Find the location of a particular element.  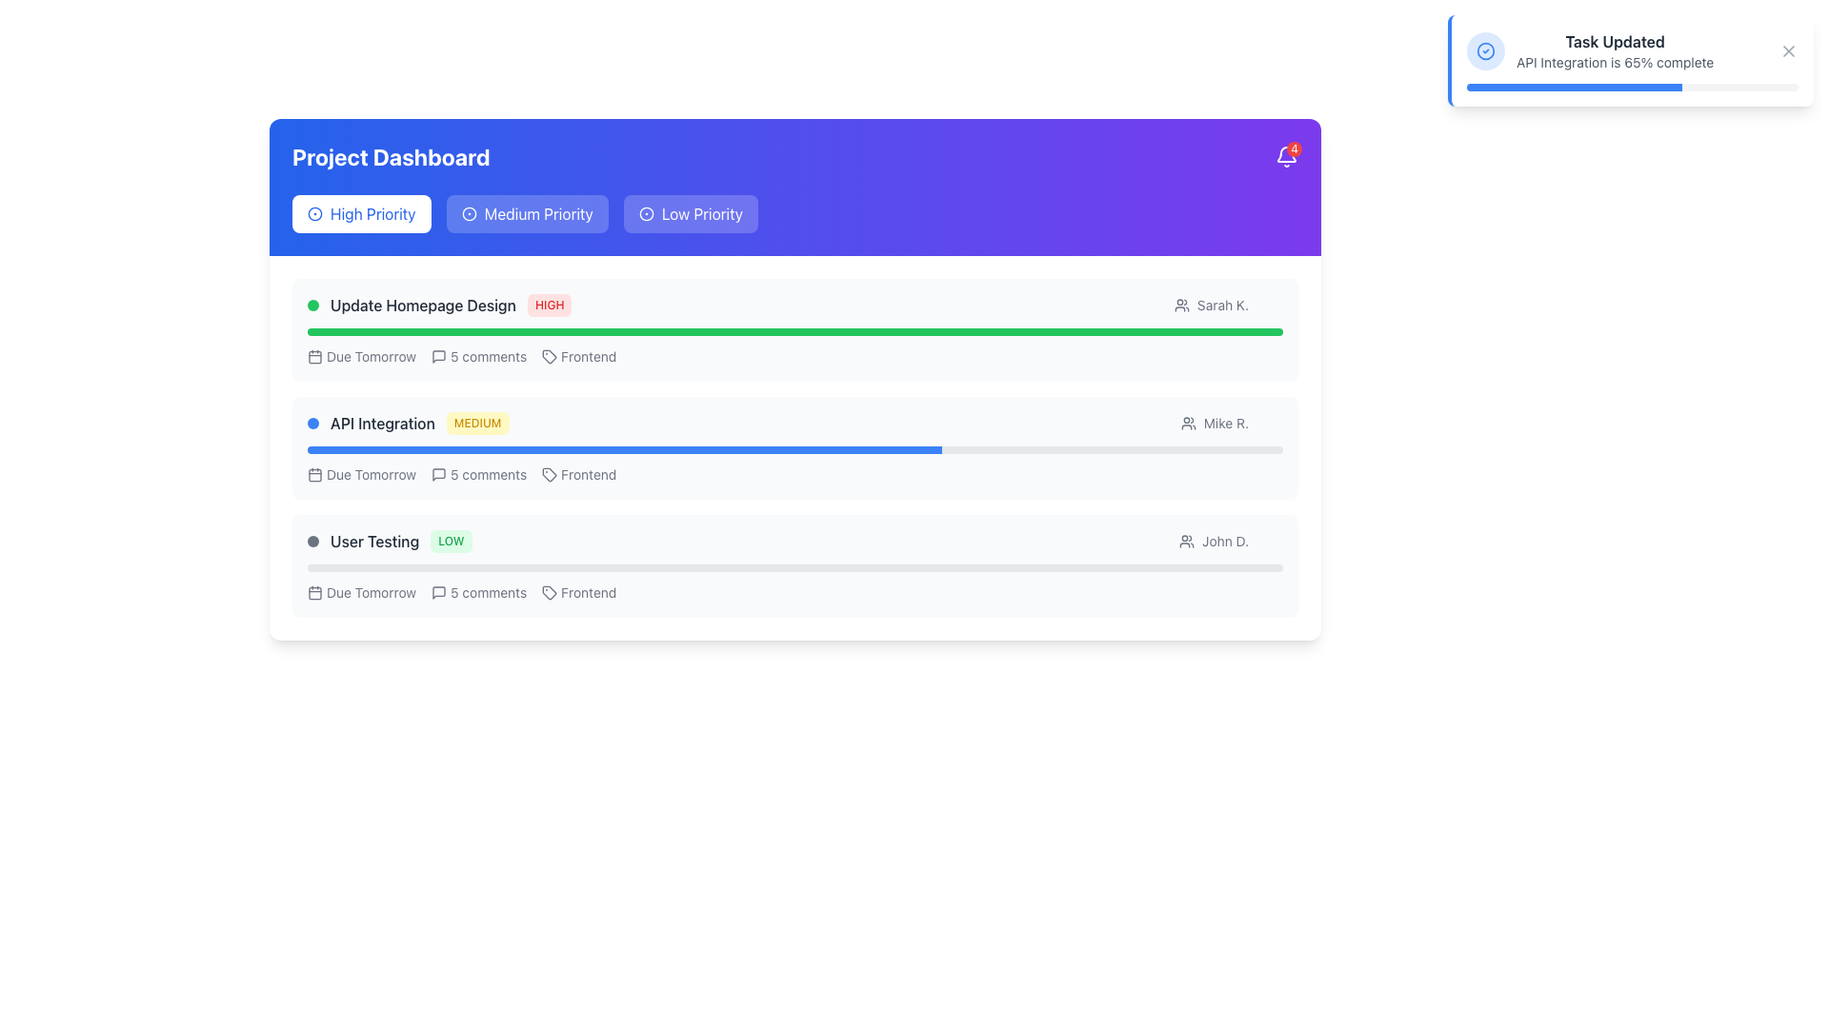

the 'MEDIUM' priority label located to the right of the 'API Integration' text on the dashboard, above the blue progress bar is located at coordinates (477, 422).